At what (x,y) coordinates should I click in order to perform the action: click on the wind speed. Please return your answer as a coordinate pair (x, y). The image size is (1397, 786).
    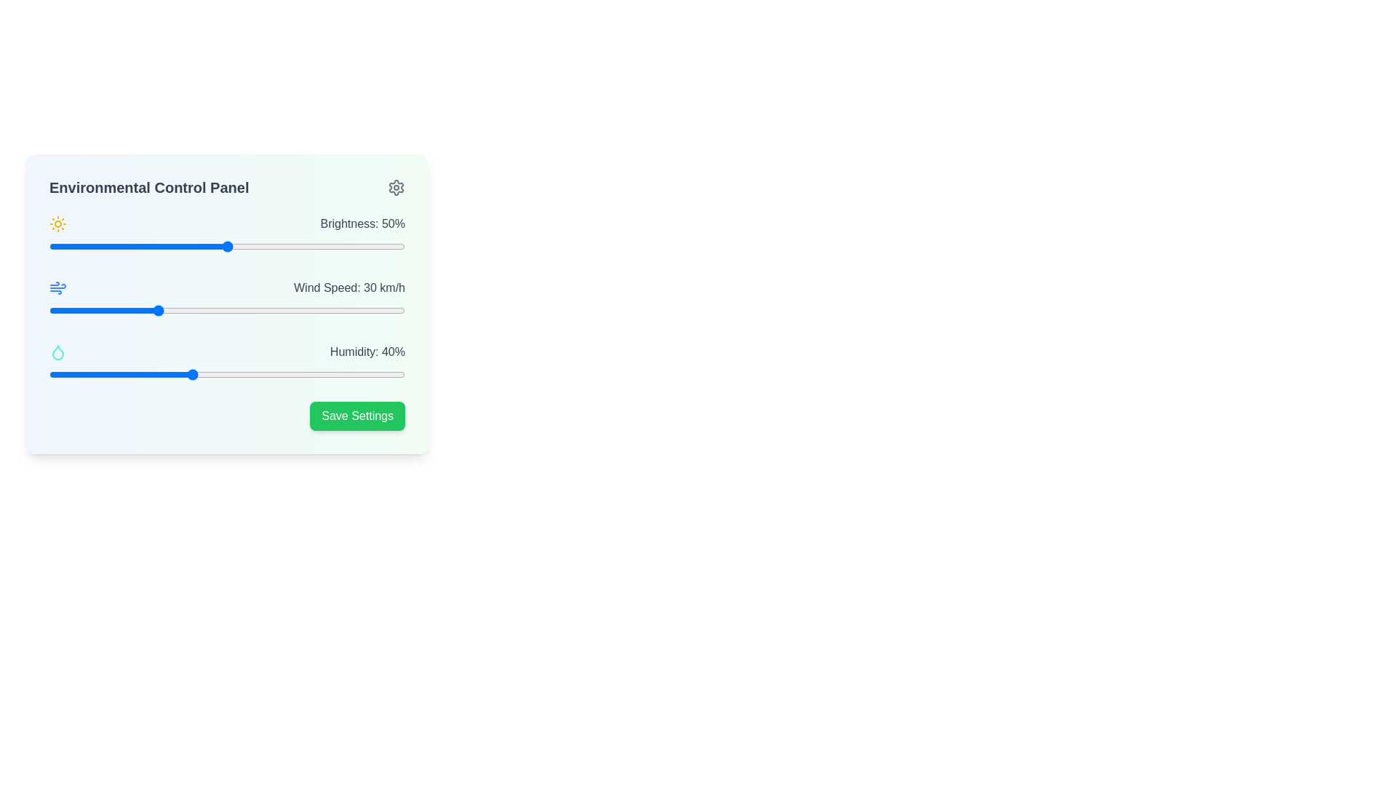
    Looking at the image, I should click on (183, 310).